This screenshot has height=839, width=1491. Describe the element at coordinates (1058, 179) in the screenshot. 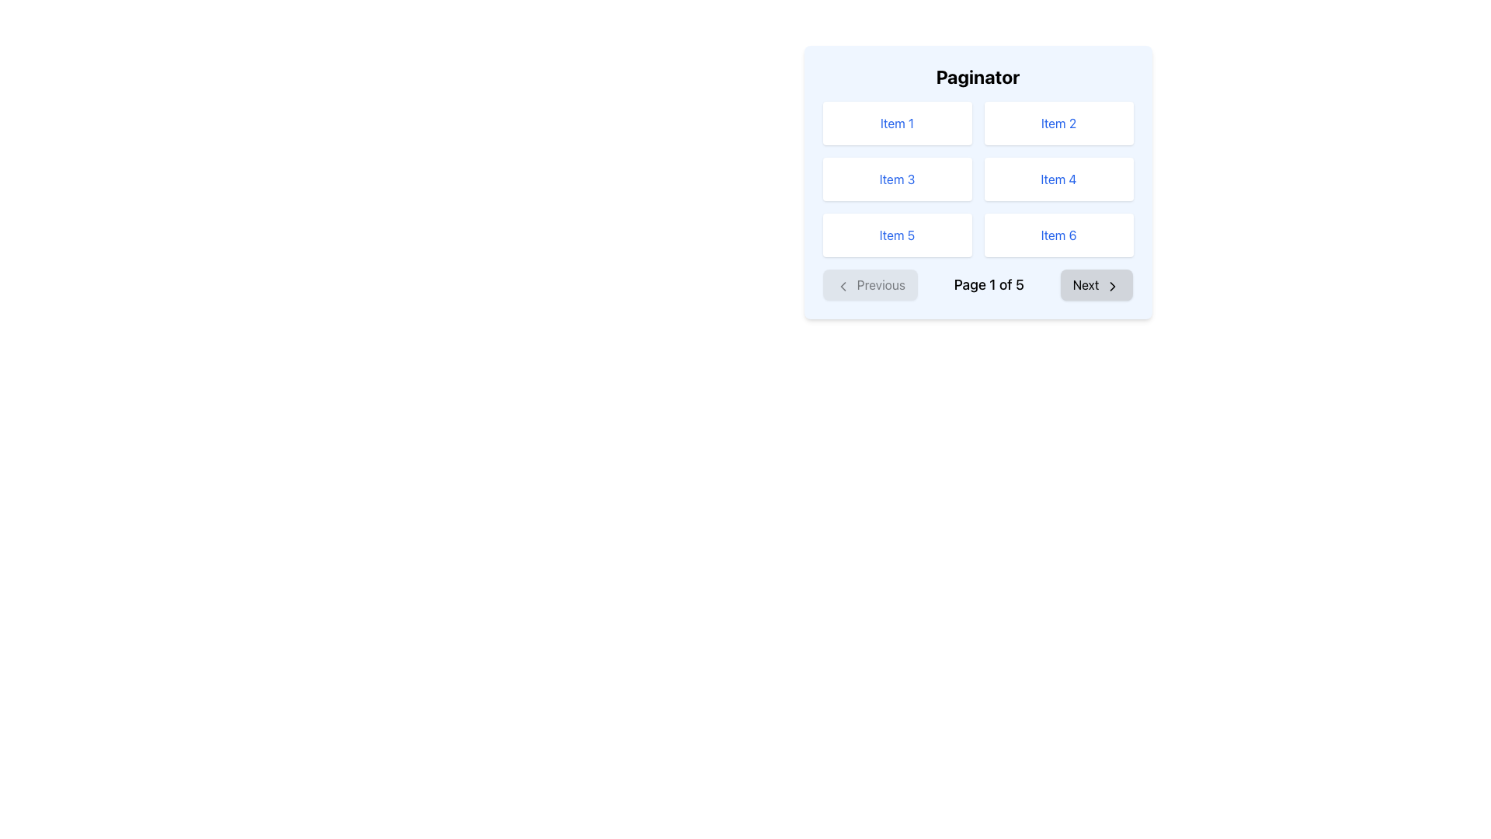

I see `the text label with blue text reading 'Item 4', which is a white rectangular box with rounded corners located in the second column of the second row of a grid layout` at that location.